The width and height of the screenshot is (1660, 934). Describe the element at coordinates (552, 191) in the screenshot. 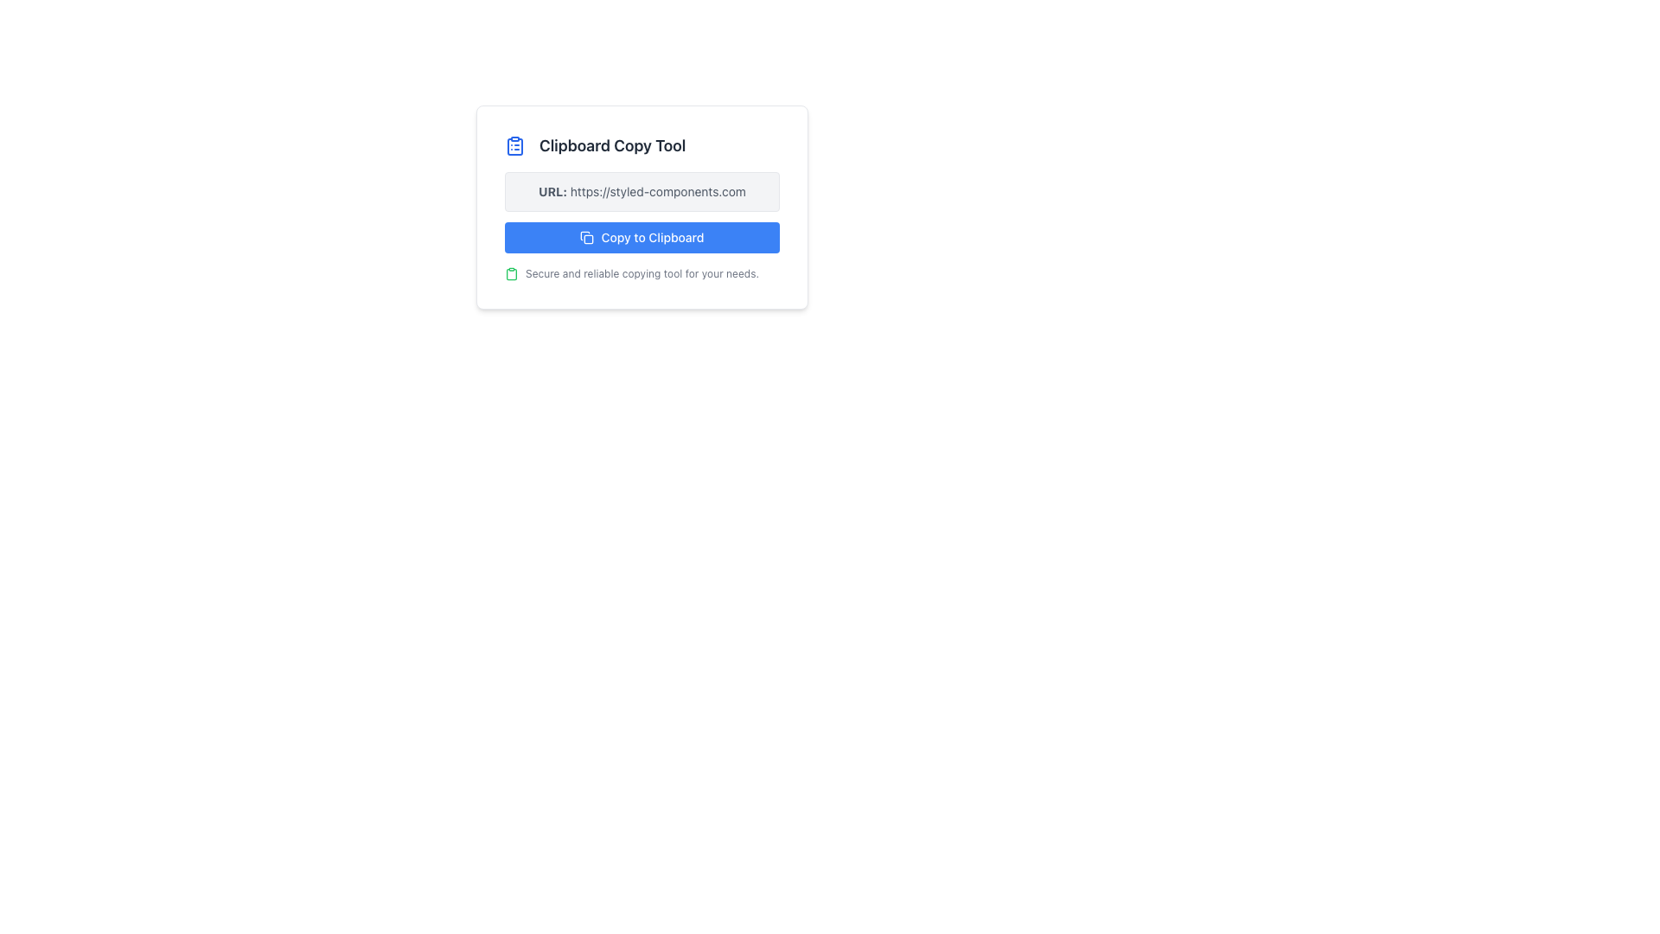

I see `the static text label that indicates the following text represents a URL, positioned immediately to the left of the hyperlink` at that location.